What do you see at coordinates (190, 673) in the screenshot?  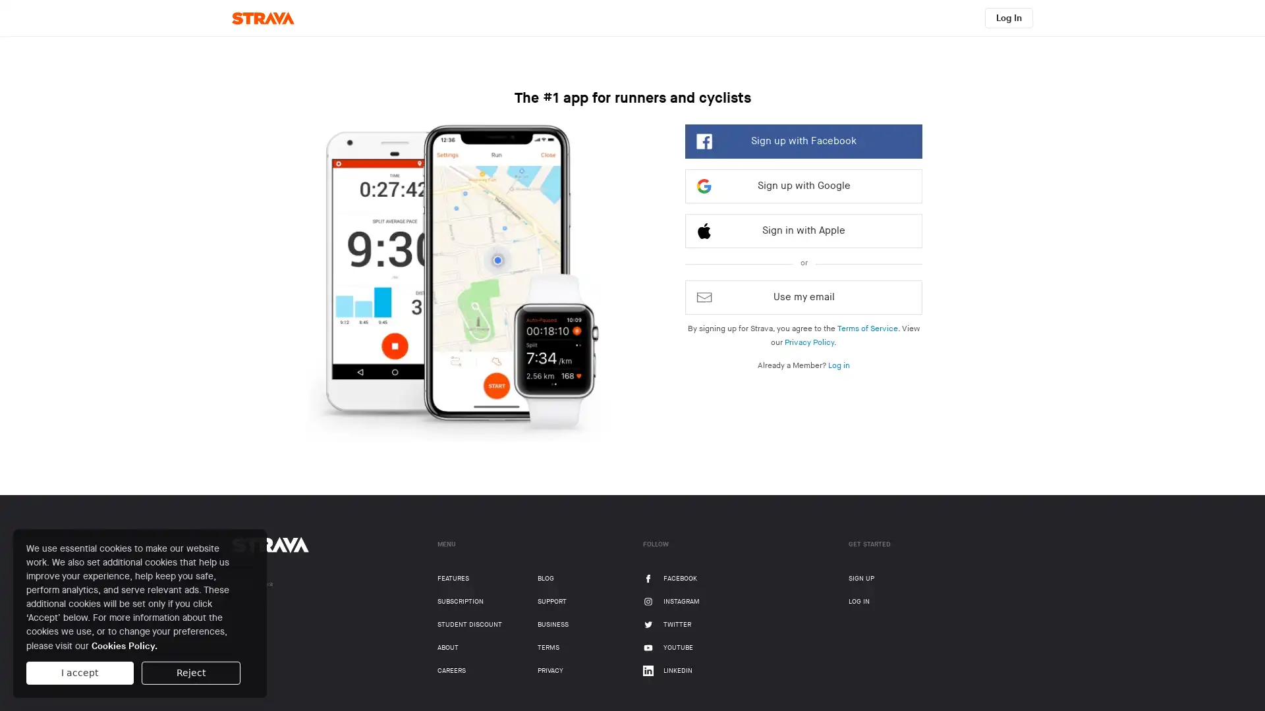 I see `Reject` at bounding box center [190, 673].